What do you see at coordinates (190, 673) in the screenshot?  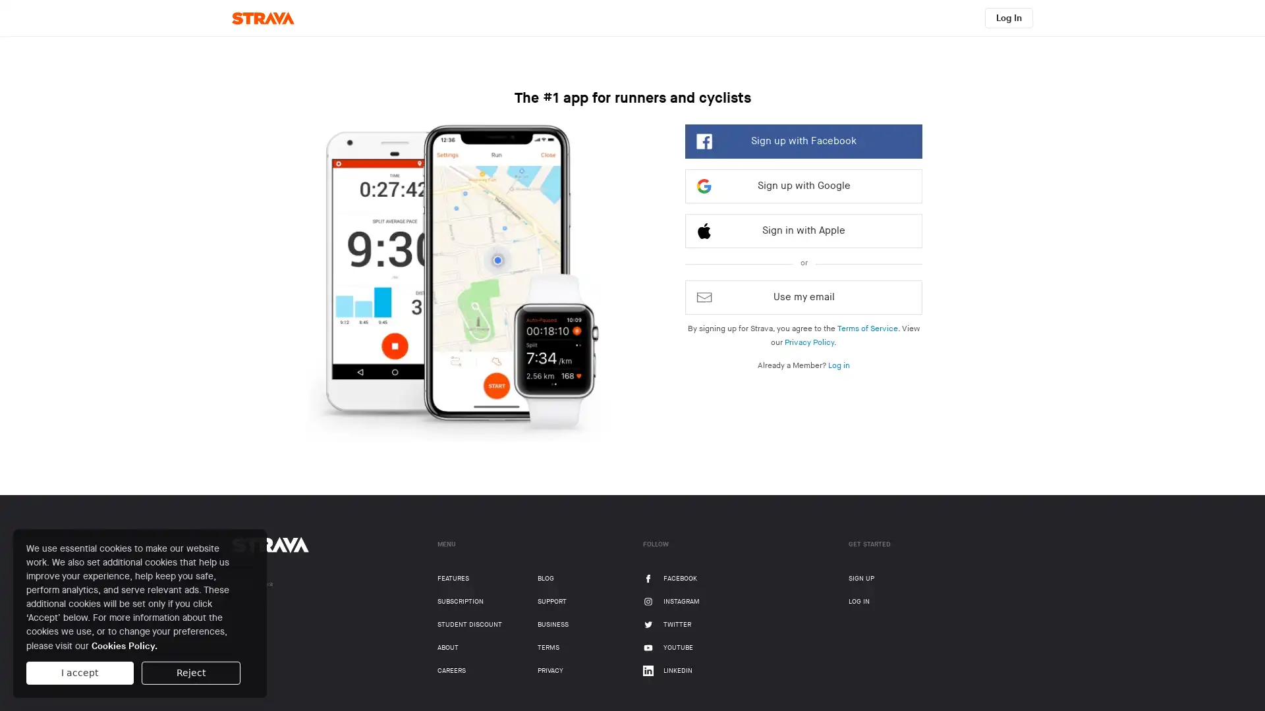 I see `Reject` at bounding box center [190, 673].